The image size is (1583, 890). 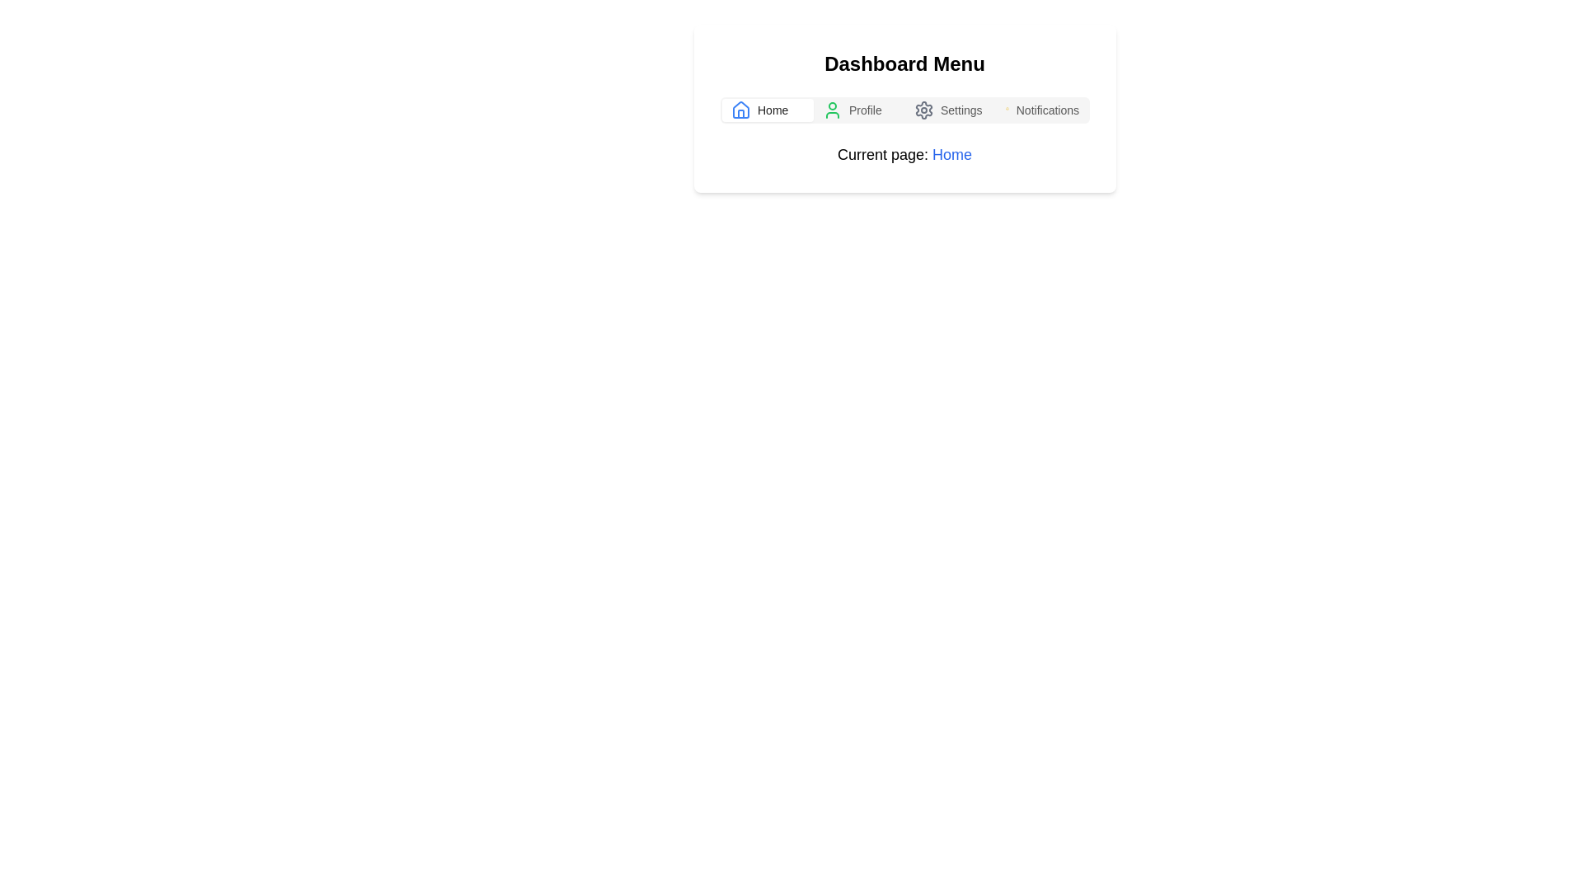 What do you see at coordinates (740, 110) in the screenshot?
I see `the blue house icon in the navigation menu` at bounding box center [740, 110].